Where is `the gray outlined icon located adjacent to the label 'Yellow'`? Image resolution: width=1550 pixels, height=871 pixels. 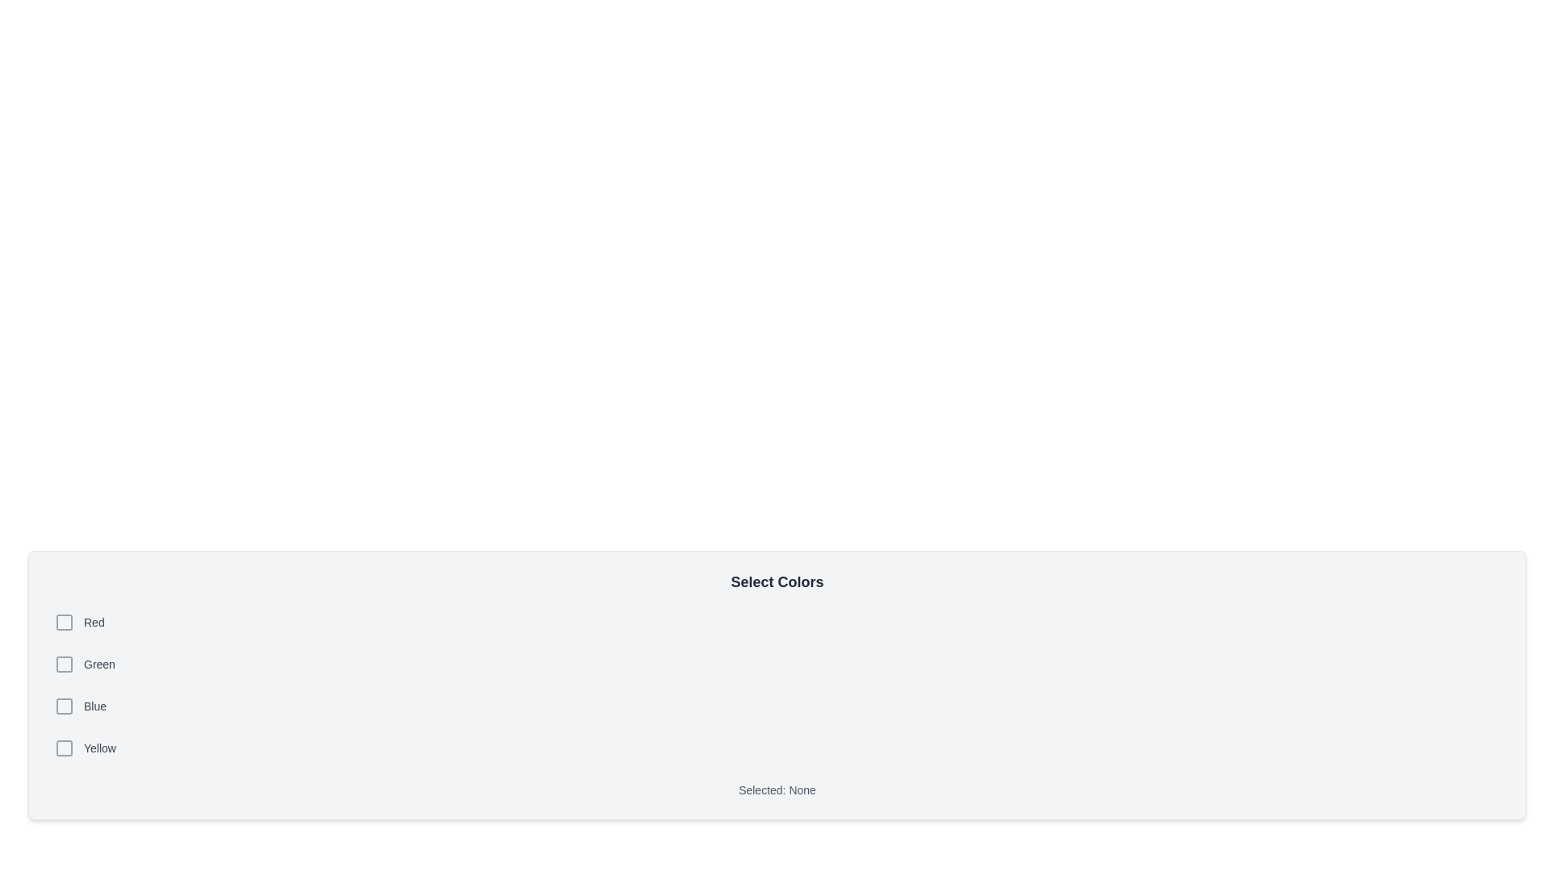
the gray outlined icon located adjacent to the label 'Yellow' is located at coordinates (65, 748).